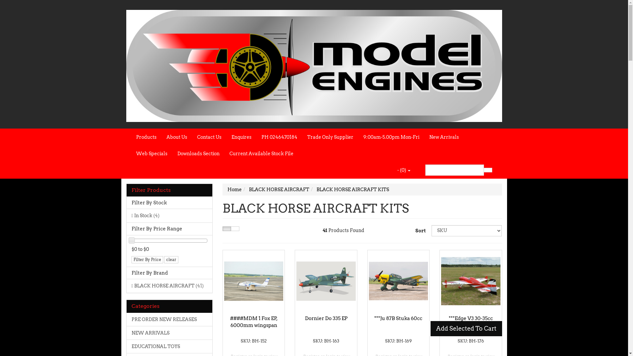 The height and width of the screenshot is (356, 633). Describe the element at coordinates (127, 333) in the screenshot. I see `'NEW ARRIVALS'` at that location.